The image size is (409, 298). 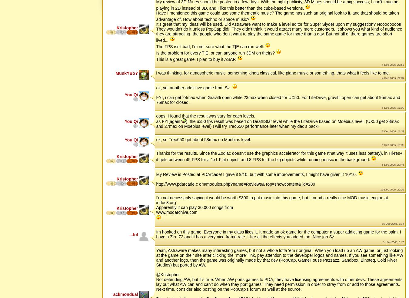 What do you see at coordinates (381, 164) in the screenshot?
I see `'5 Dec 2005, 20:48'` at bounding box center [381, 164].